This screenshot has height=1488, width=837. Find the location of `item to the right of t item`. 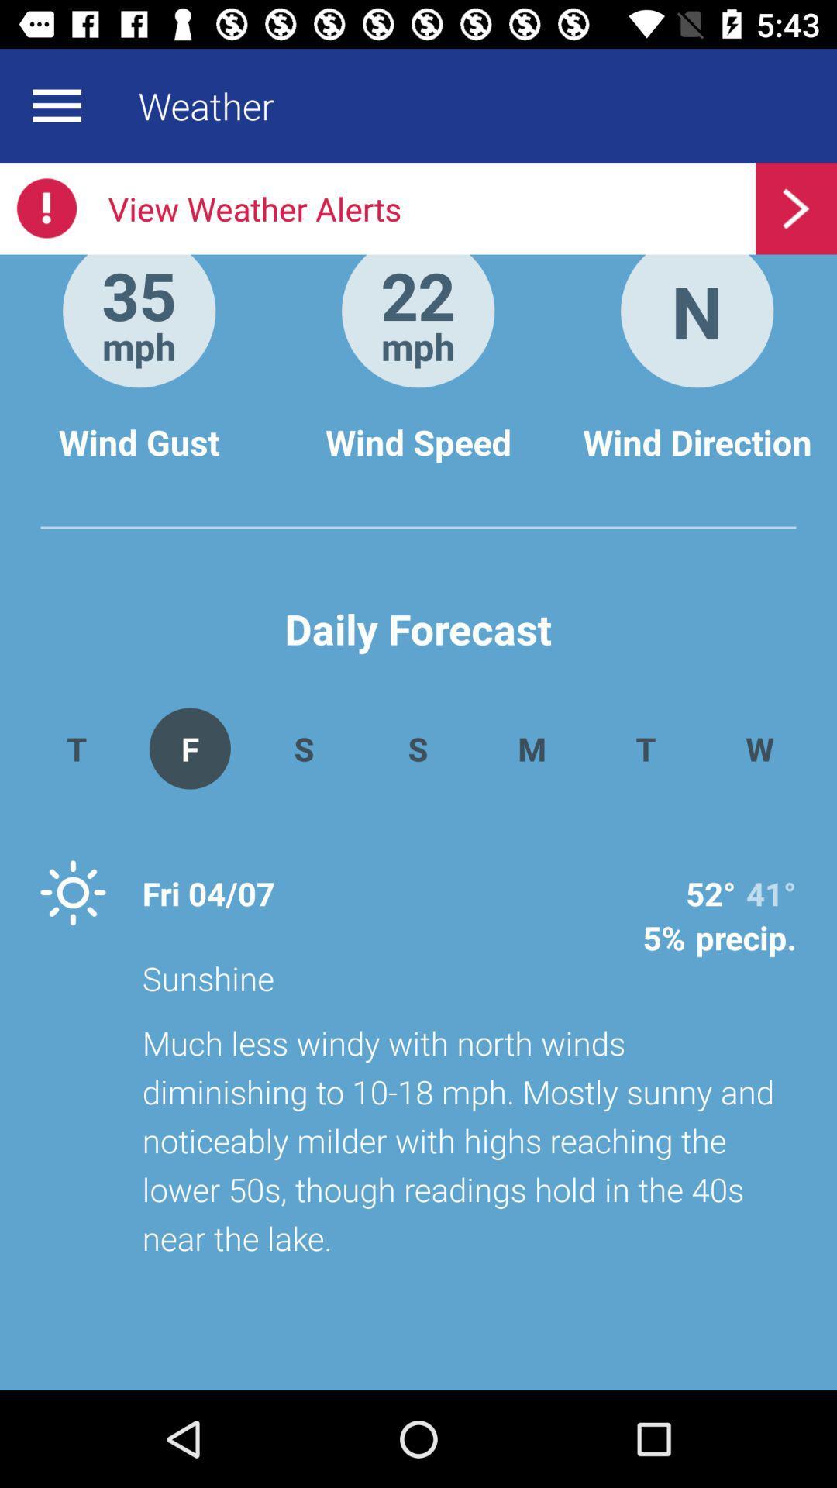

item to the right of t item is located at coordinates (759, 748).